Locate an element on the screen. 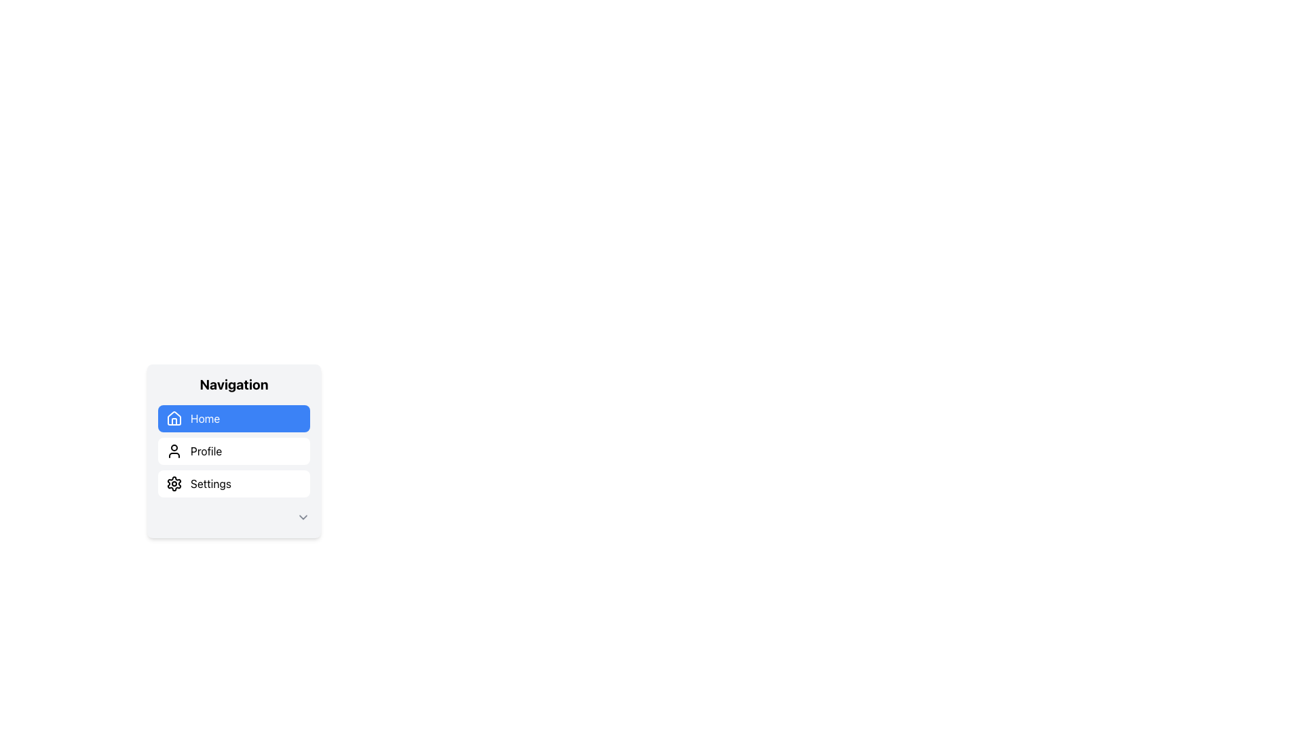 This screenshot has height=733, width=1303. the static text element displaying 'Settings' in the vertical navigation menu, located below the 'Profile' button is located at coordinates (210, 483).